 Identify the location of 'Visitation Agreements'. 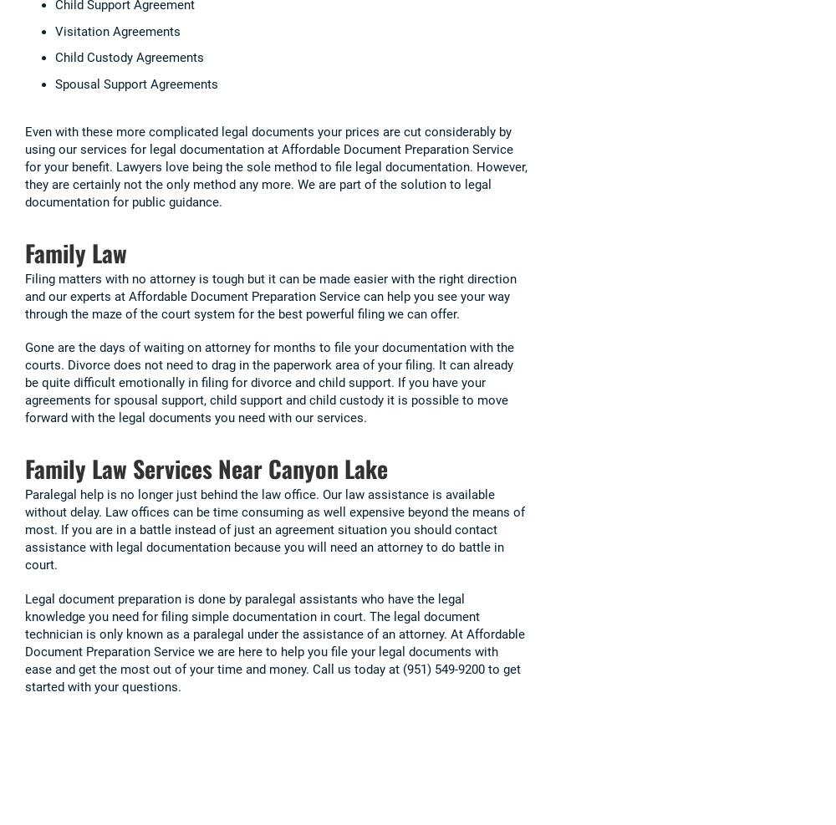
(118, 30).